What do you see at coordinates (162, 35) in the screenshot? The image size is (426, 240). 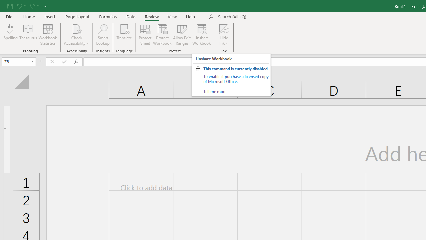 I see `'Protect Workbook...'` at bounding box center [162, 35].